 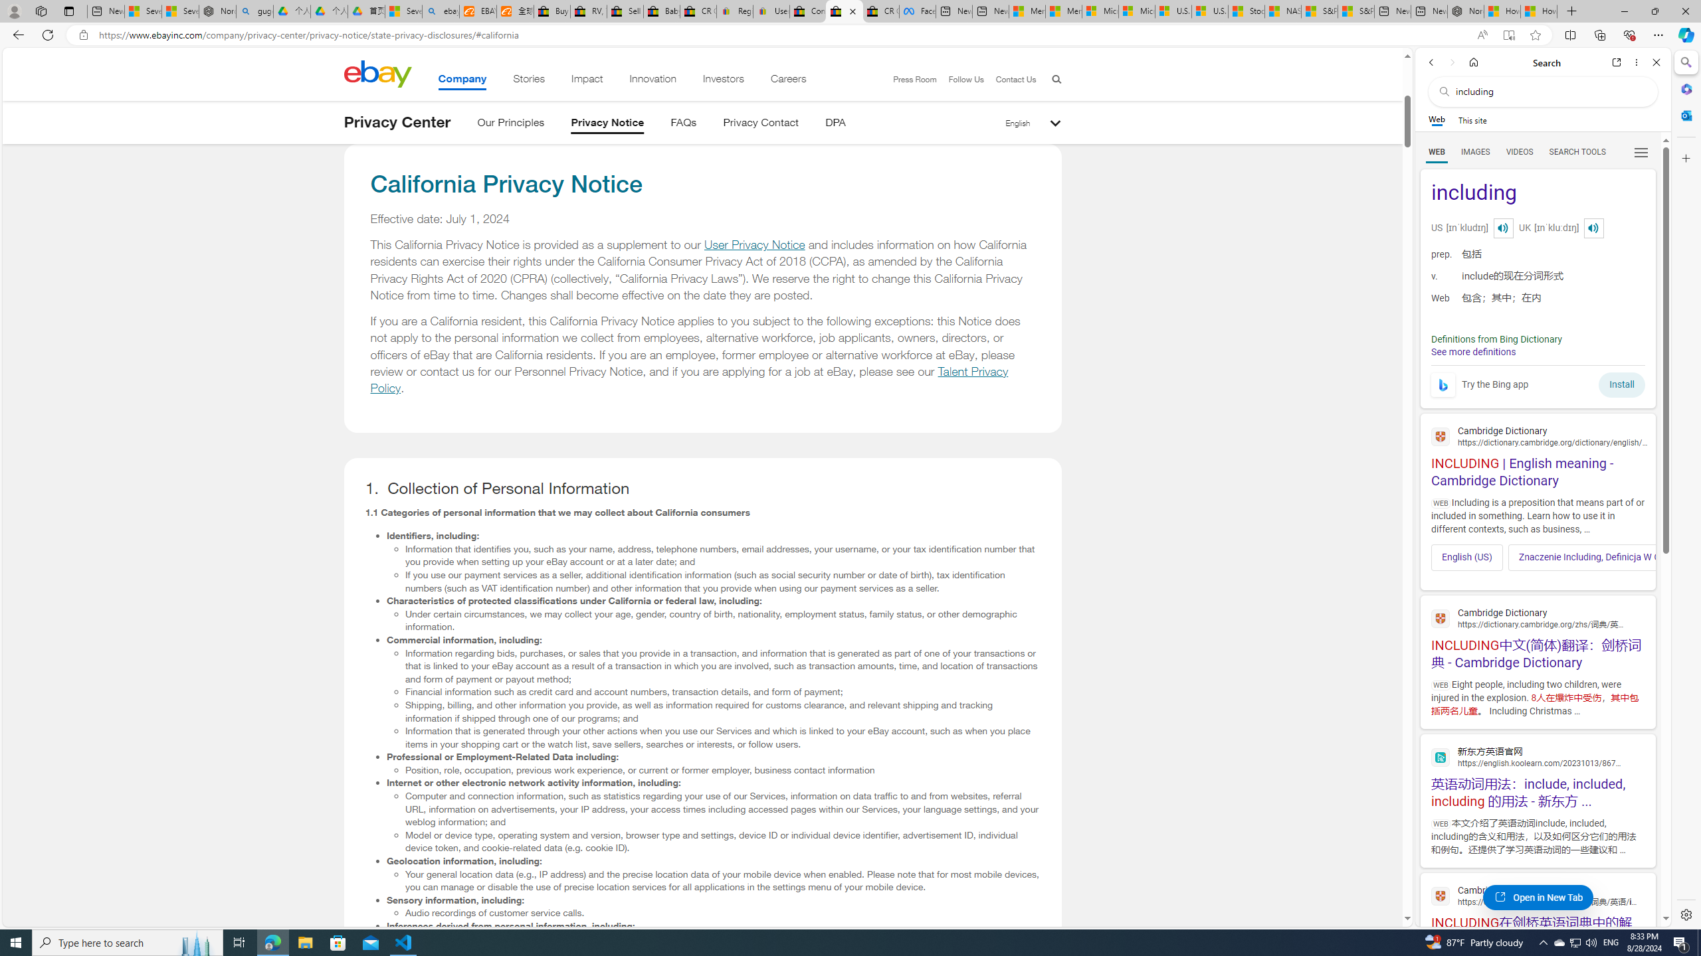 I want to click on 'FAQs', so click(x=683, y=124).